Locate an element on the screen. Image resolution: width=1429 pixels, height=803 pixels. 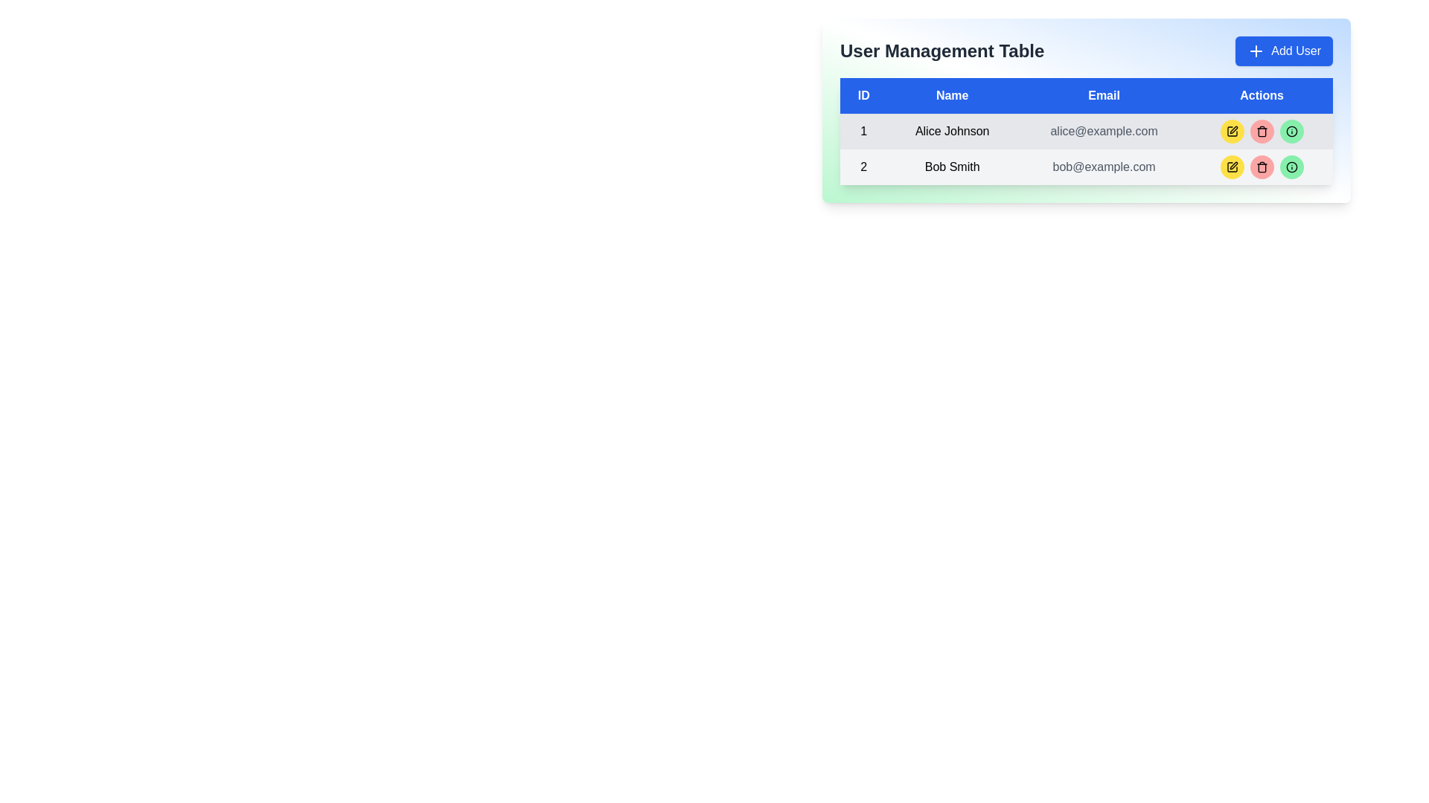
the circular yellow edit button with a black border in the Actions column of the user management table for the user 'Bob Smith' is located at coordinates (1232, 167).